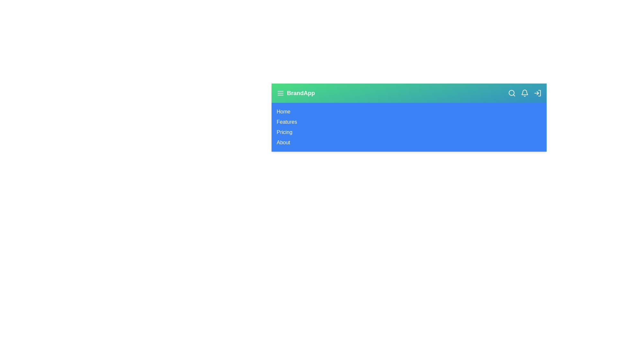 This screenshot has height=347, width=617. What do you see at coordinates (512, 93) in the screenshot?
I see `the search icon to open the search input` at bounding box center [512, 93].